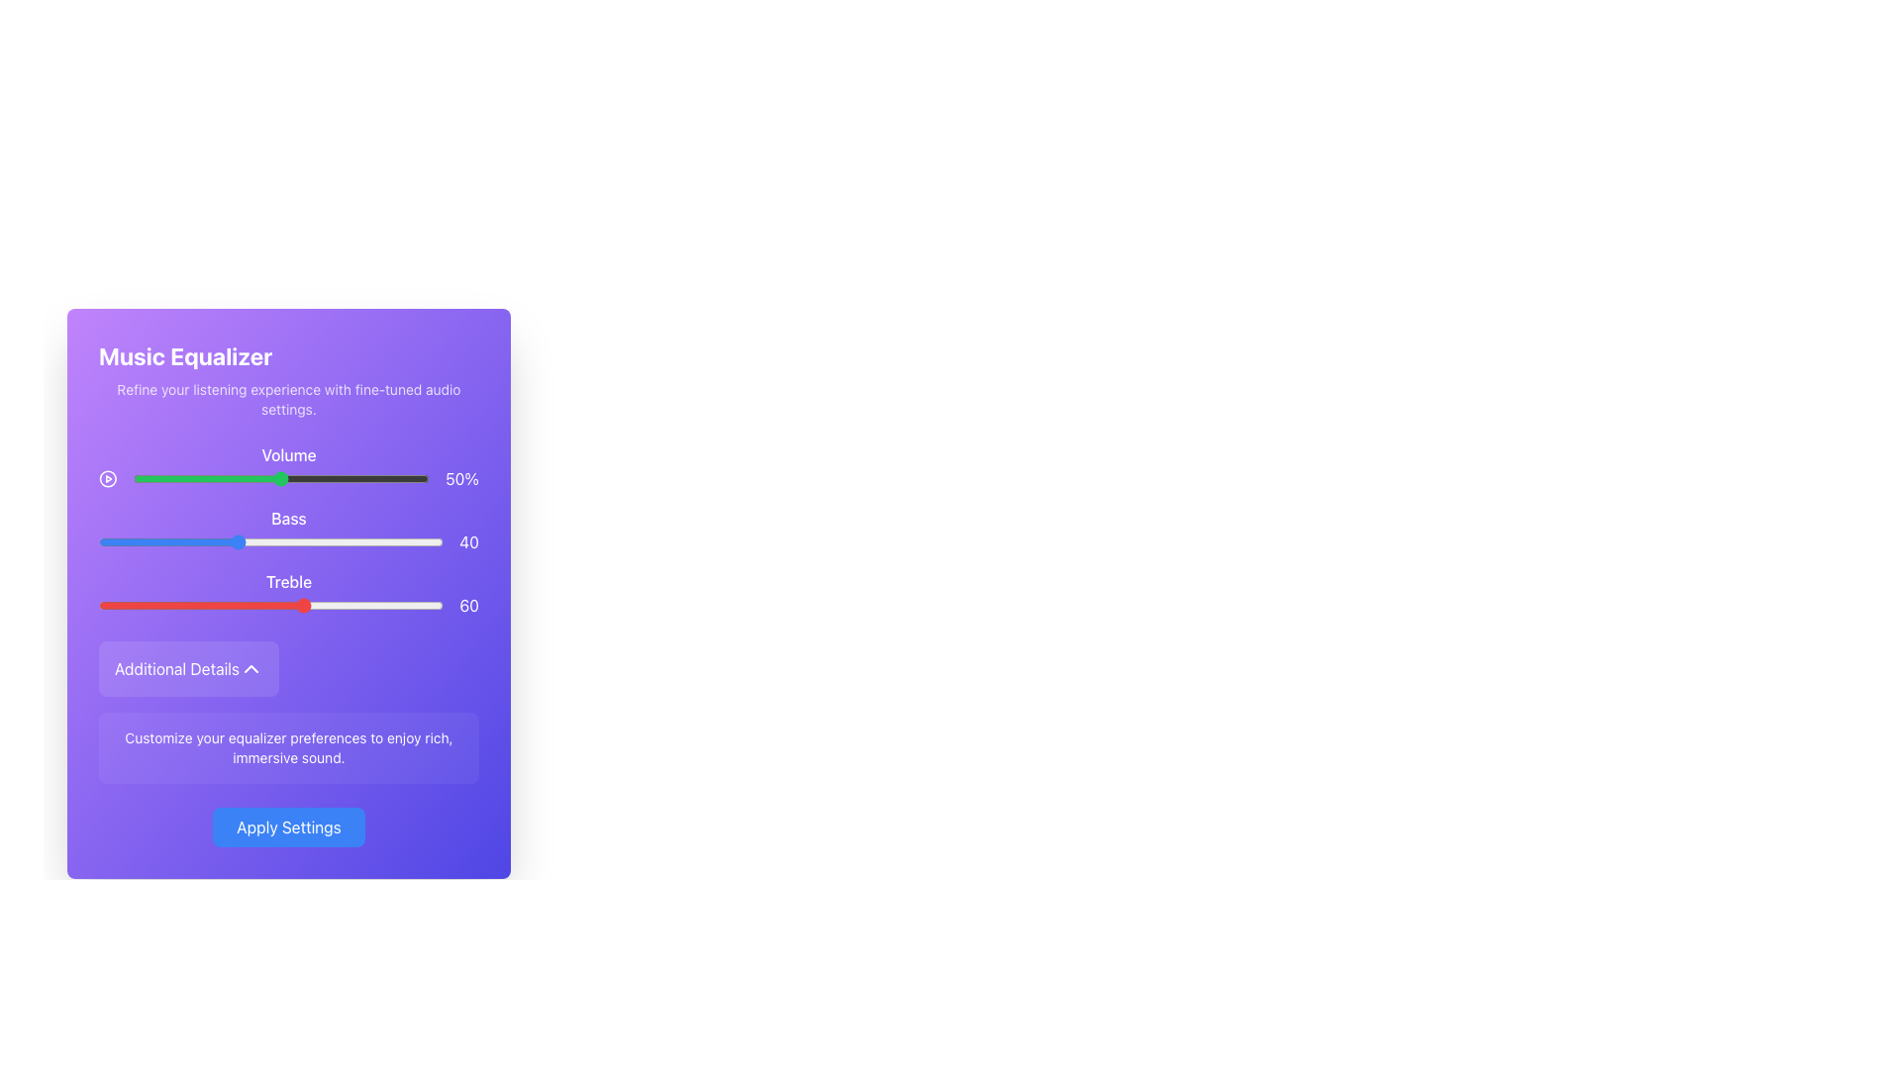 The width and height of the screenshot is (1901, 1069). I want to click on the Treble, so click(111, 605).